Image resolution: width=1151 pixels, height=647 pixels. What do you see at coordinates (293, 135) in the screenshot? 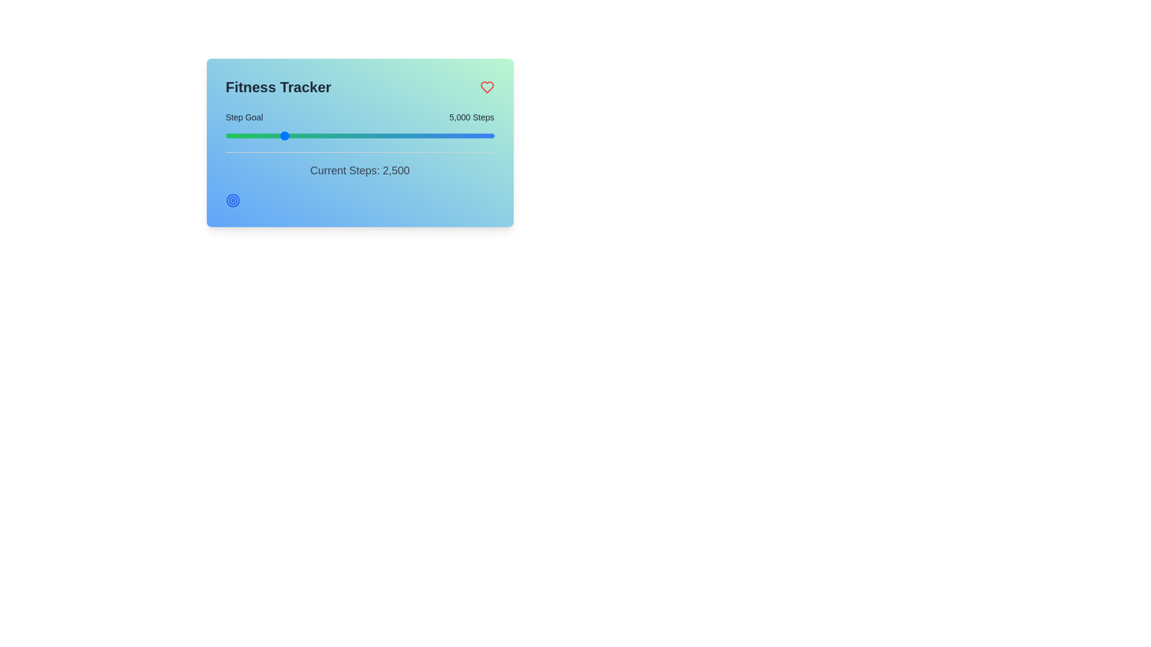
I see `the step goal slider to set the step goal to 5754` at bounding box center [293, 135].